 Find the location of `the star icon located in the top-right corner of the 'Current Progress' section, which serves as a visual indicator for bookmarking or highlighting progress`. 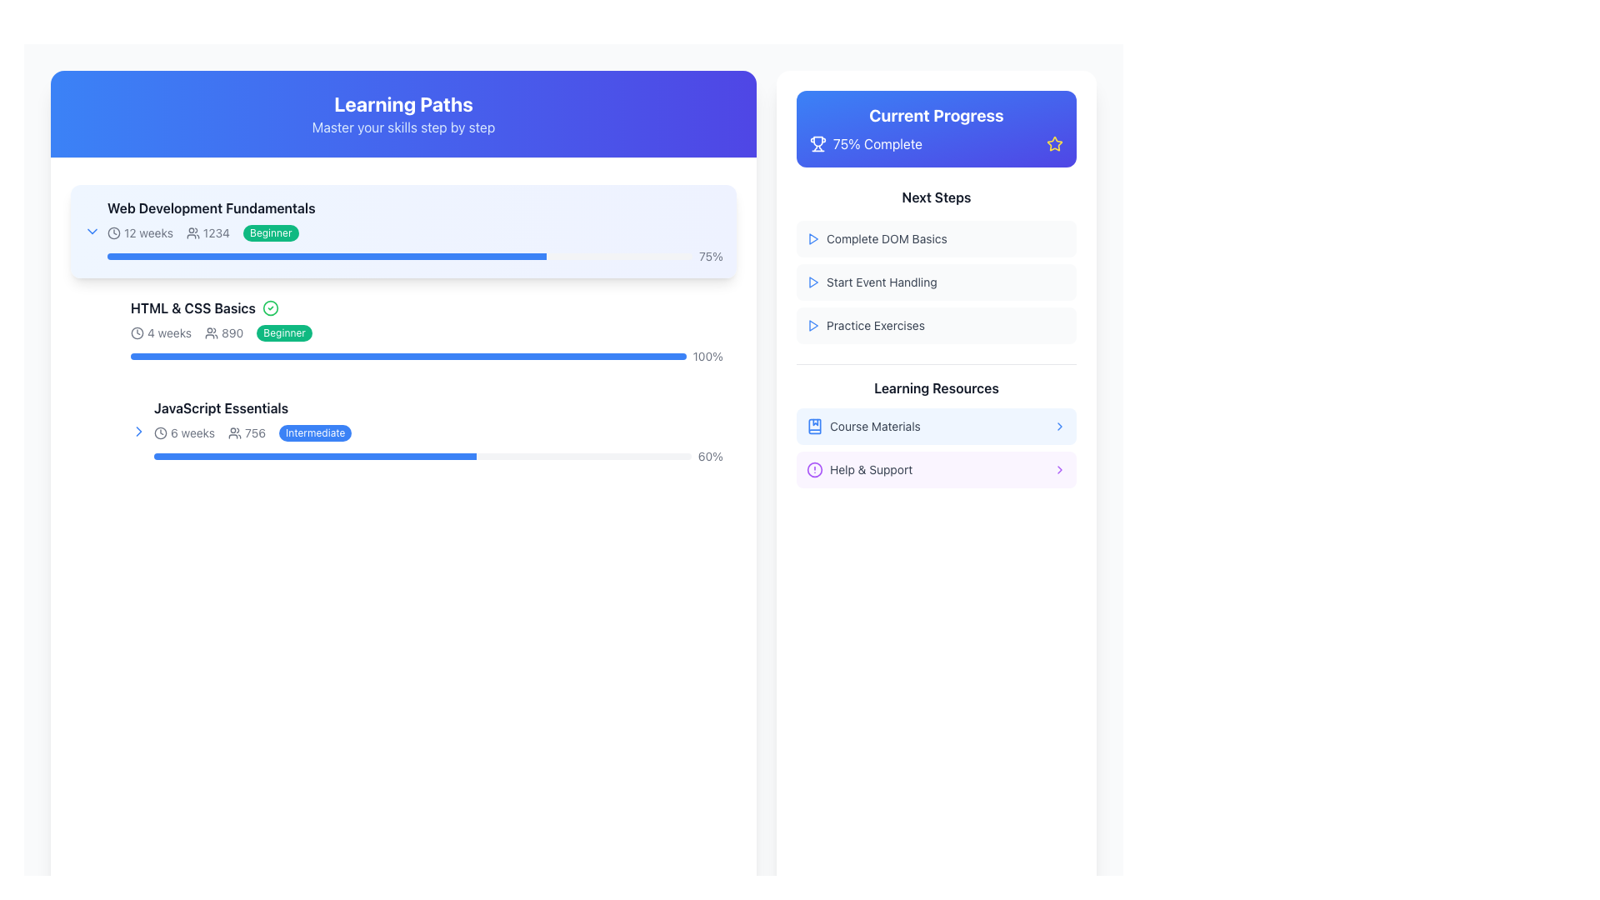

the star icon located in the top-right corner of the 'Current Progress' section, which serves as a visual indicator for bookmarking or highlighting progress is located at coordinates (1054, 142).